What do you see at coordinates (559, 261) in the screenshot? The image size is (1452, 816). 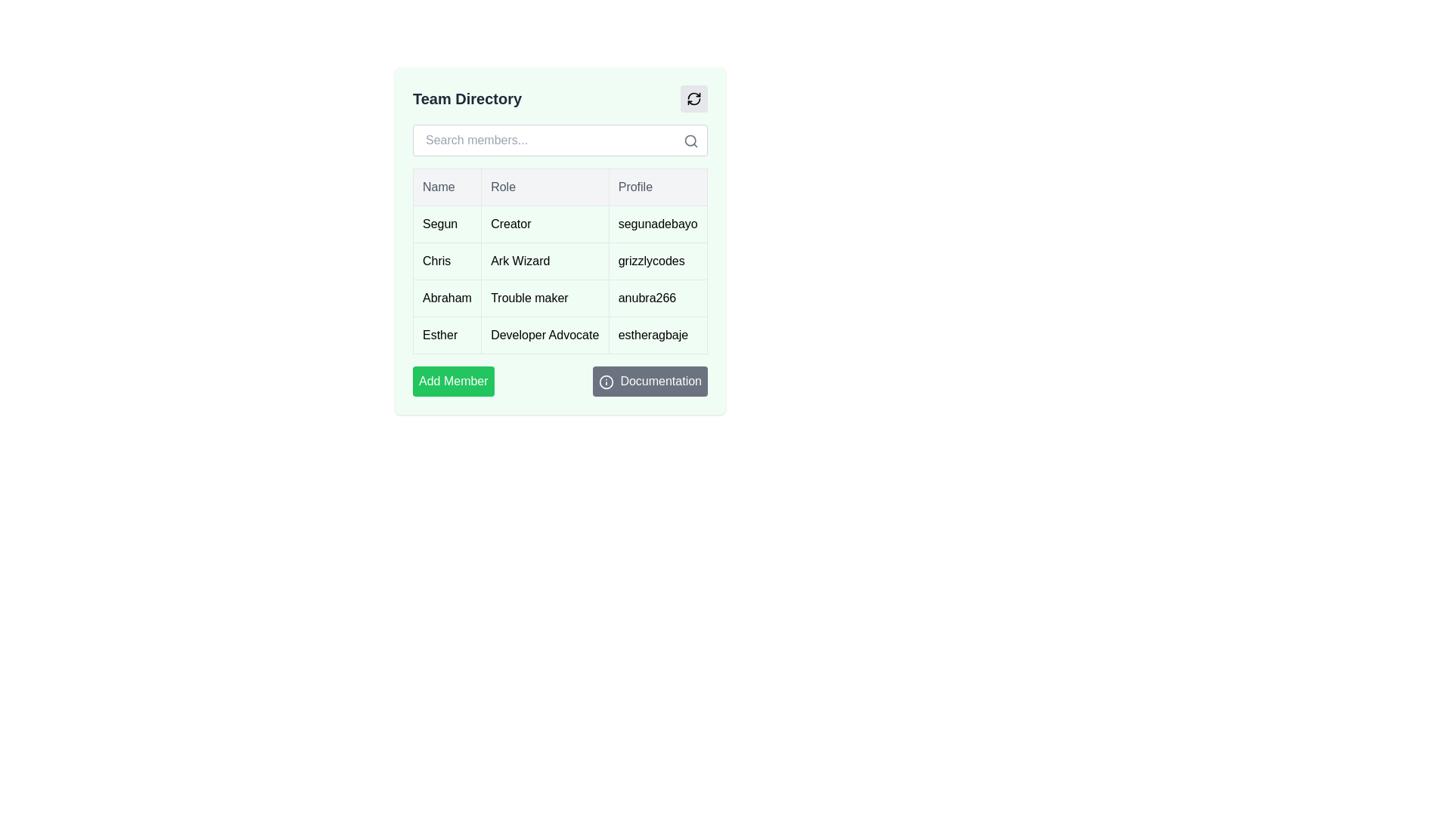 I see `the second row of the 'Team Directory' table, which contains the entries 'Chris', 'Ark Wizard', and 'grizzlycodes'` at bounding box center [559, 261].